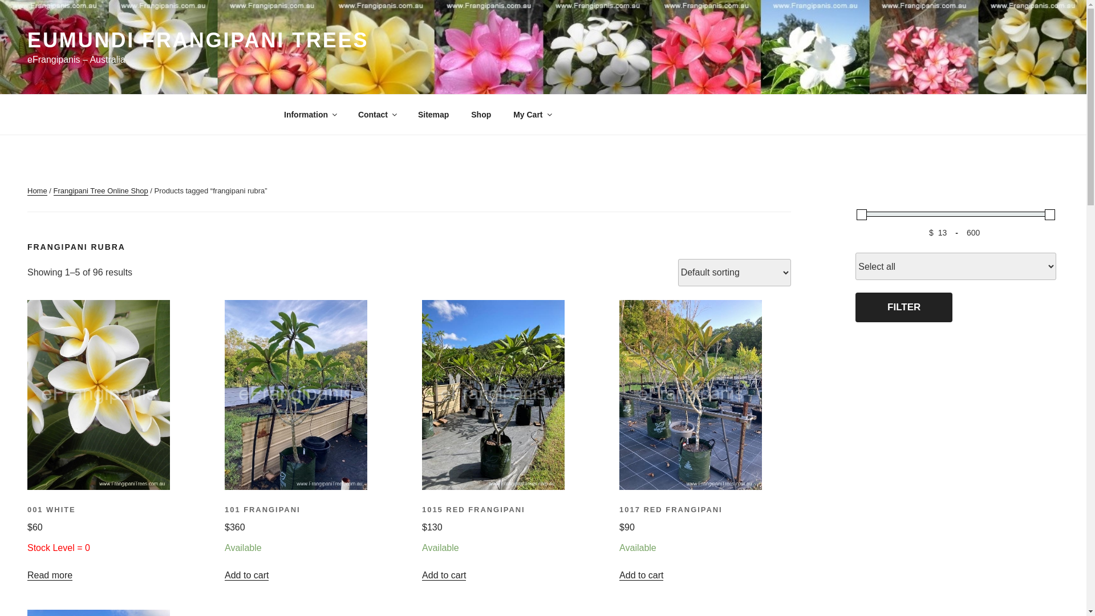 The width and height of the screenshot is (1095, 616). Describe the element at coordinates (531, 114) in the screenshot. I see `'My Cart'` at that location.